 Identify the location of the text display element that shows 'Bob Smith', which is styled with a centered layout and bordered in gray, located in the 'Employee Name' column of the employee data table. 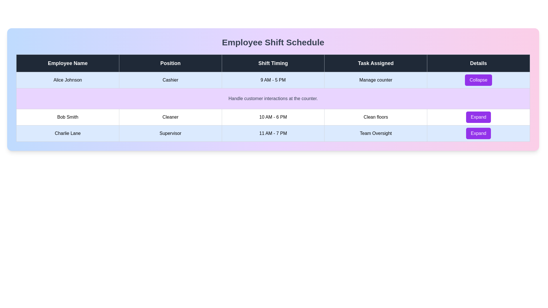
(68, 117).